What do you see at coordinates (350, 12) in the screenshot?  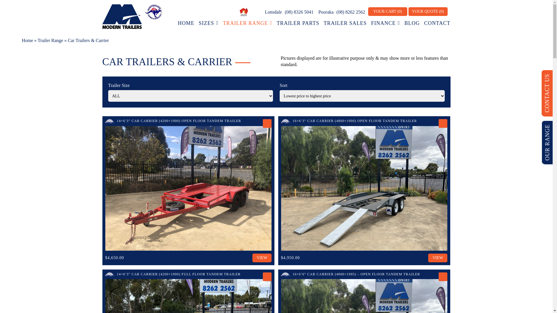 I see `'(08) 8262 2562'` at bounding box center [350, 12].